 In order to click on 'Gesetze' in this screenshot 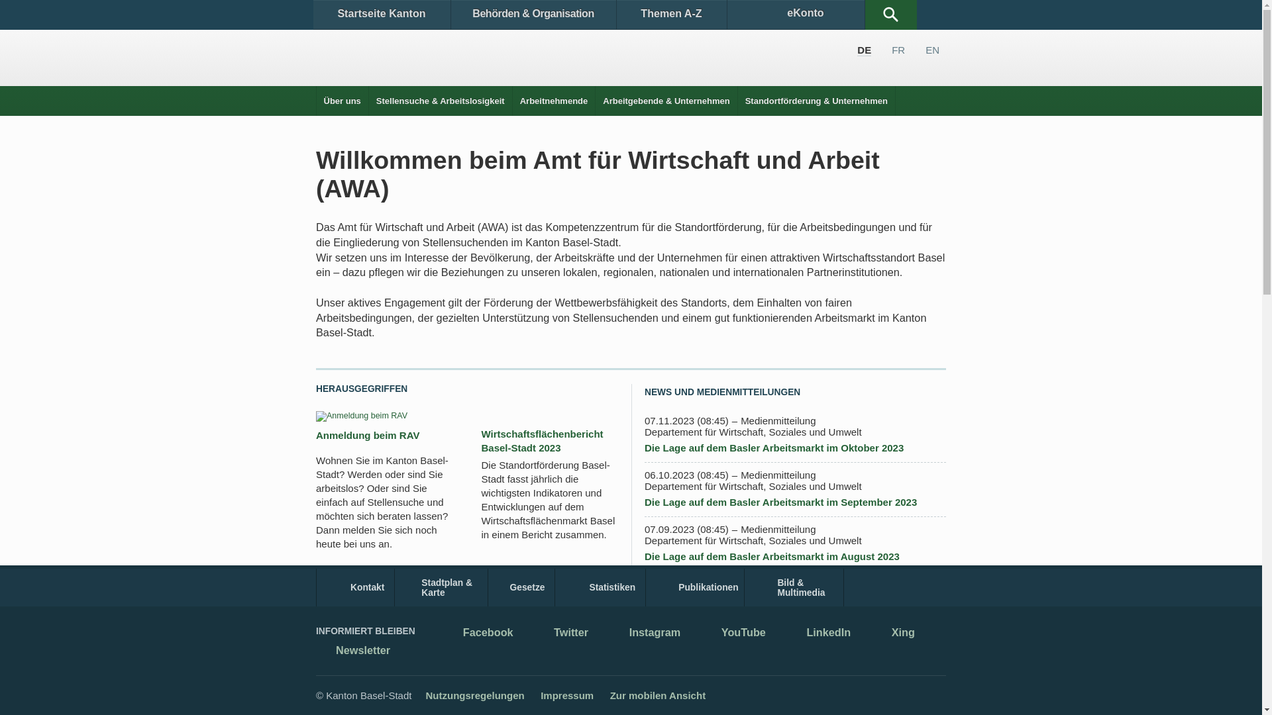, I will do `click(521, 587)`.